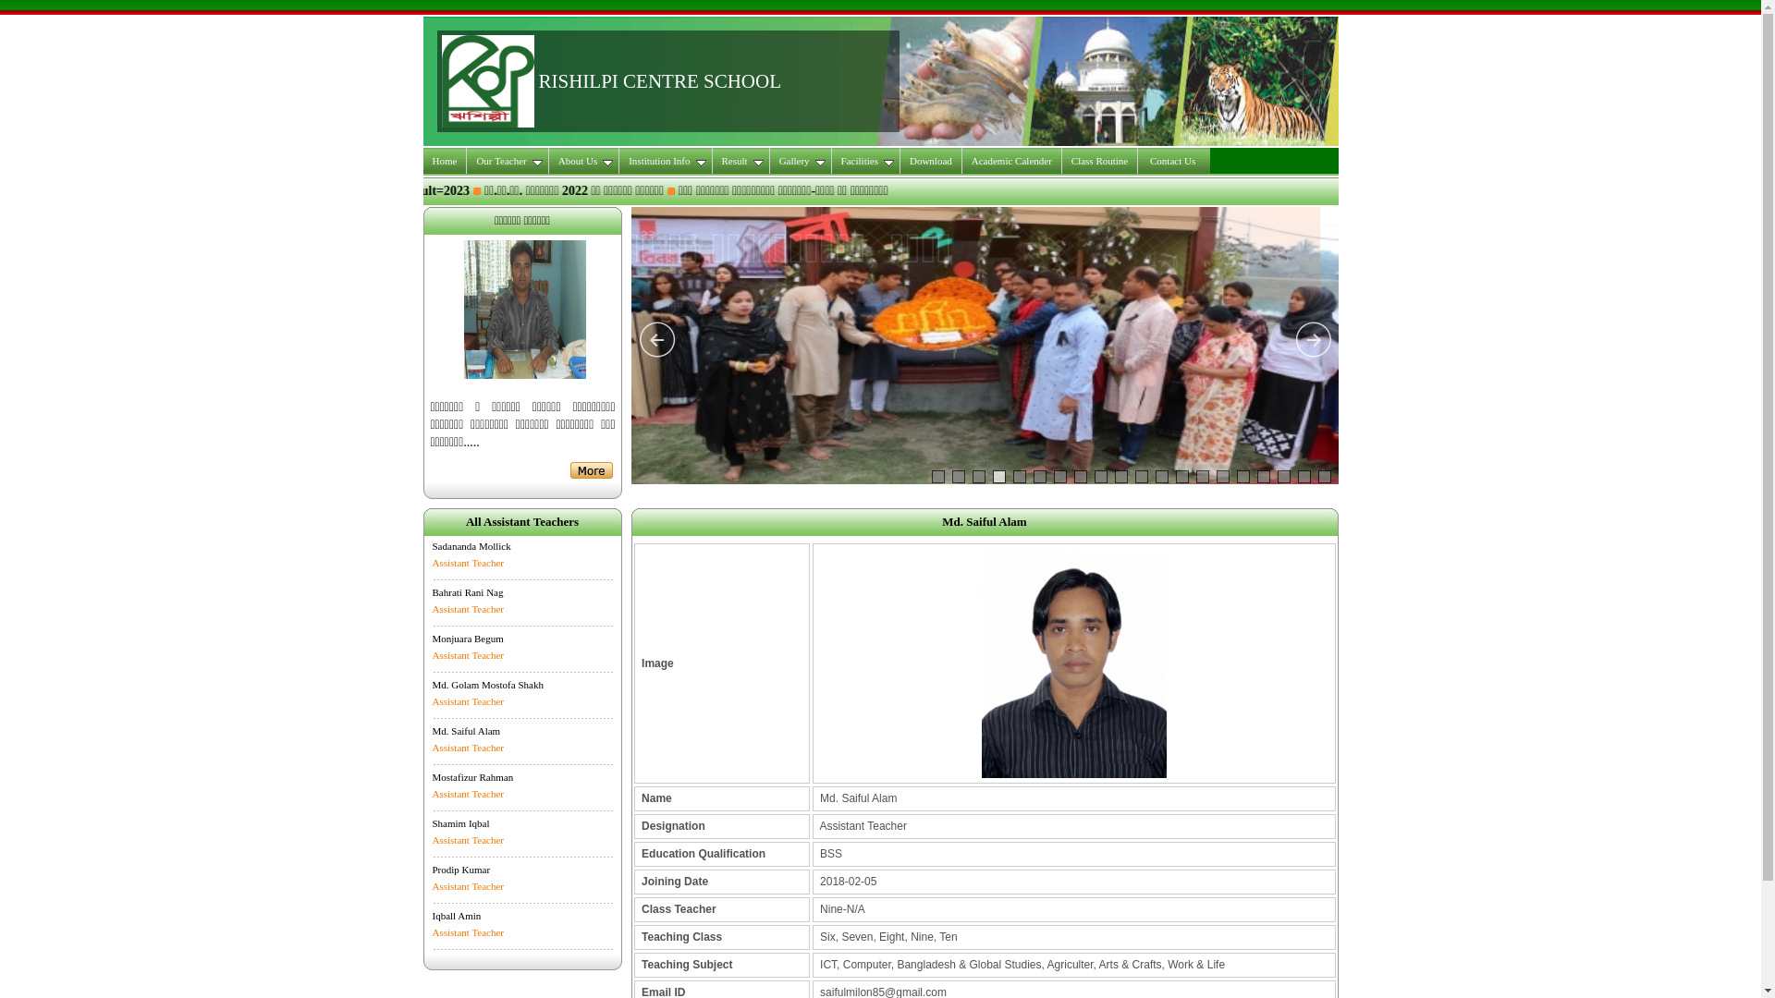  What do you see at coordinates (583, 159) in the screenshot?
I see `'About Us'` at bounding box center [583, 159].